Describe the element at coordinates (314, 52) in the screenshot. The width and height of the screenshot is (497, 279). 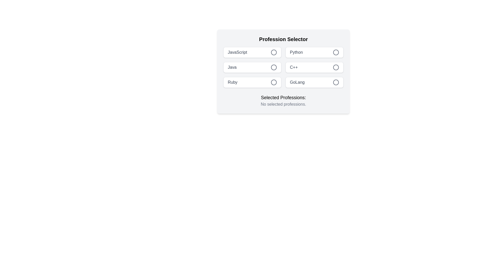
I see `the 'Python' radio button in the Profession Selector group` at that location.